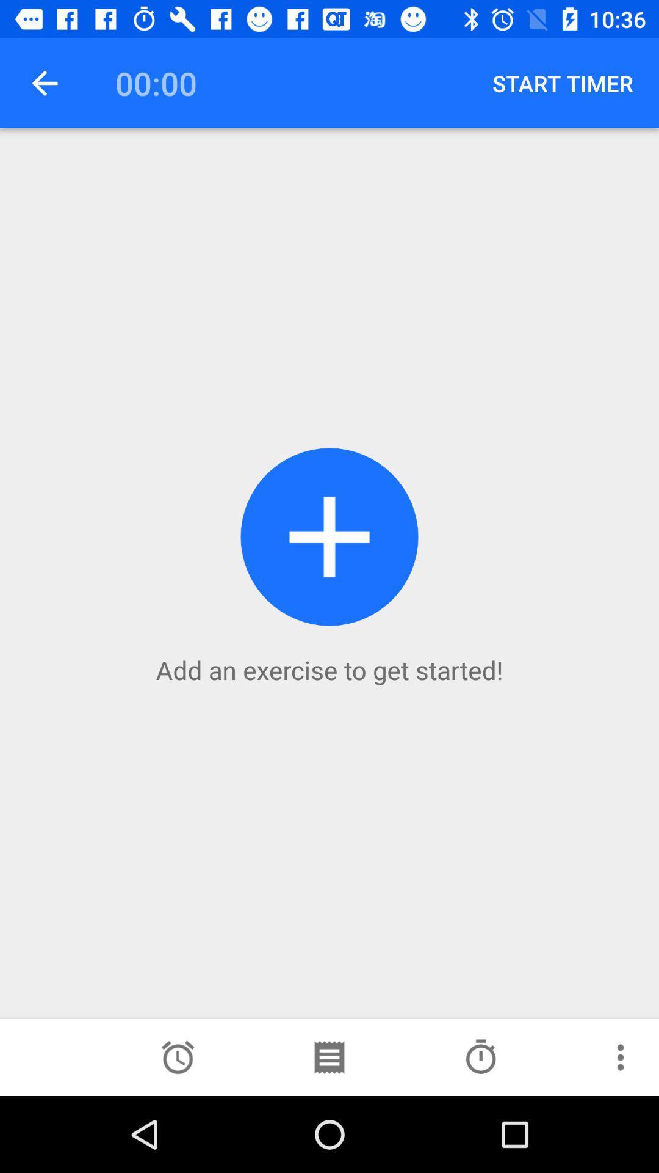 The height and width of the screenshot is (1173, 659). I want to click on the more icon, so click(621, 1057).